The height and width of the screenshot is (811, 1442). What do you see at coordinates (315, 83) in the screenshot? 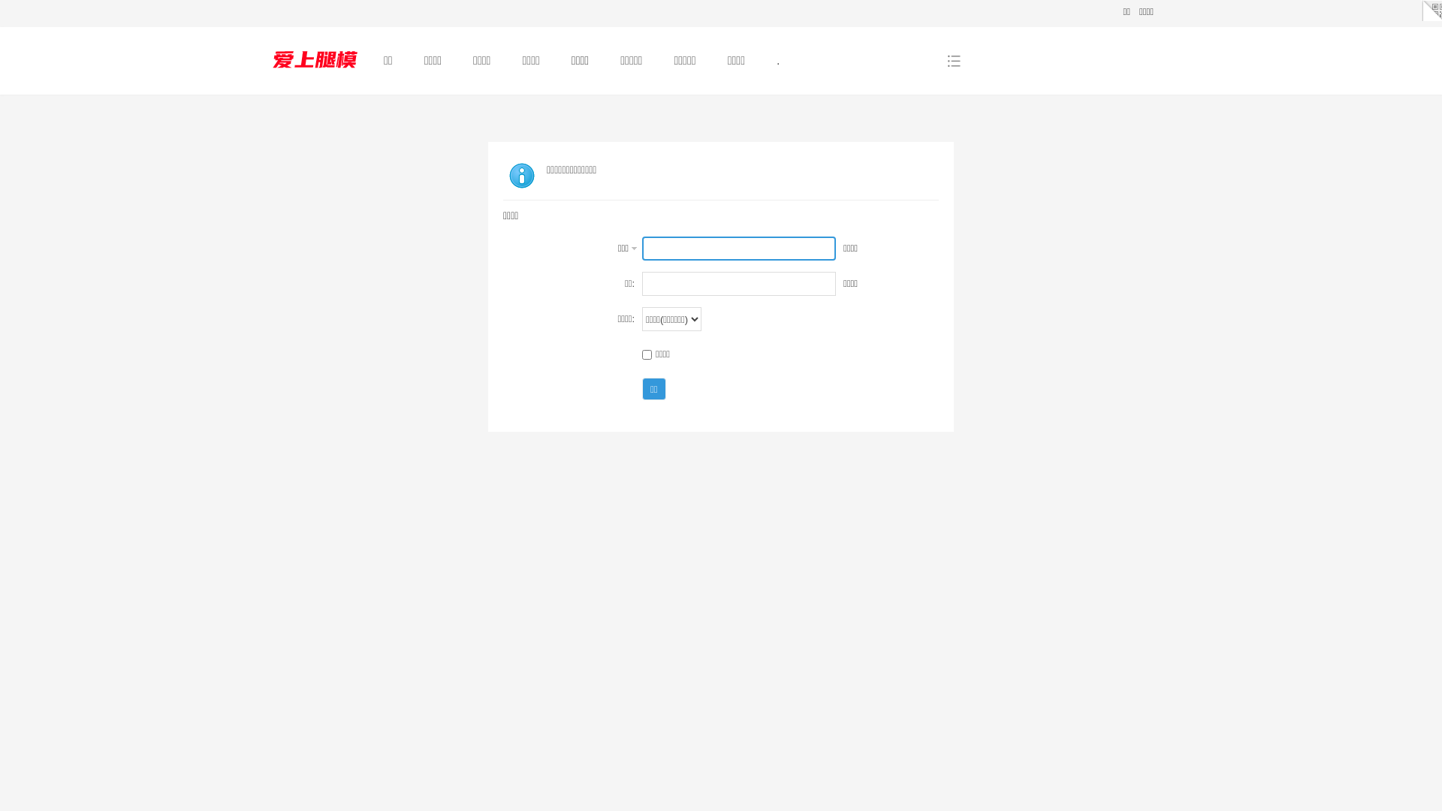
I see `'.'` at bounding box center [315, 83].